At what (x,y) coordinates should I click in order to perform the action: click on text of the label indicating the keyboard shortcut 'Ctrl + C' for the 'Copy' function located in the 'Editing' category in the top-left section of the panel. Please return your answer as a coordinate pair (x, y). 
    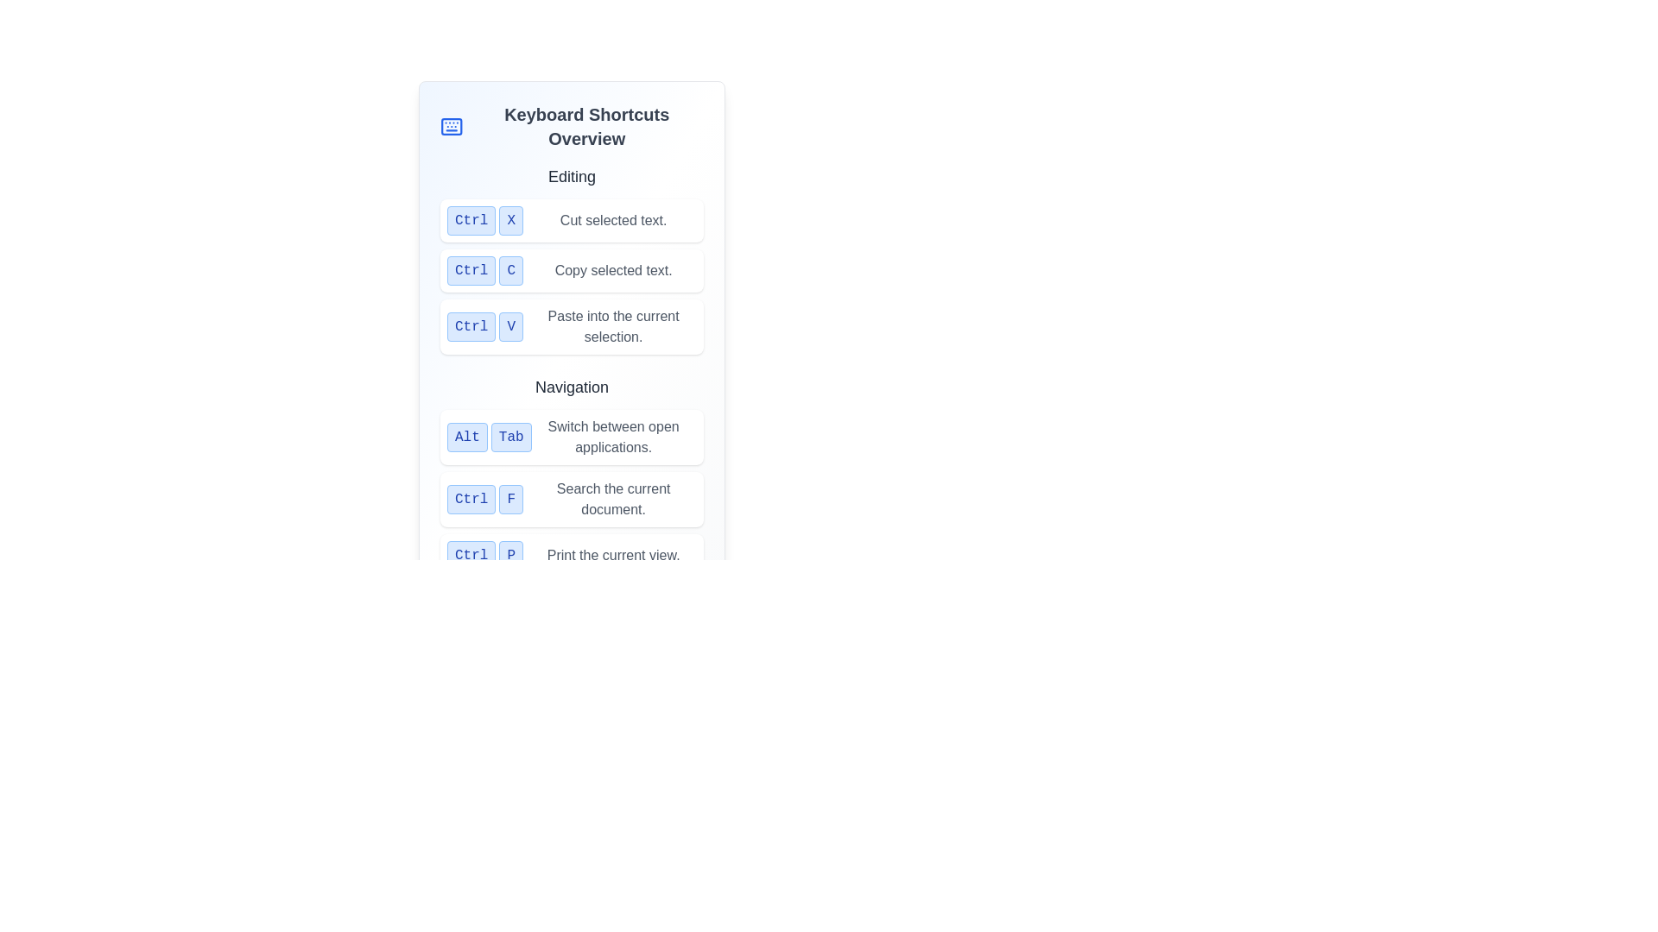
    Looking at the image, I should click on (572, 275).